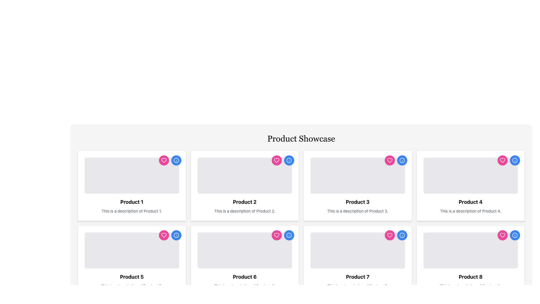 The image size is (540, 304). I want to click on the button located, so click(509, 235).